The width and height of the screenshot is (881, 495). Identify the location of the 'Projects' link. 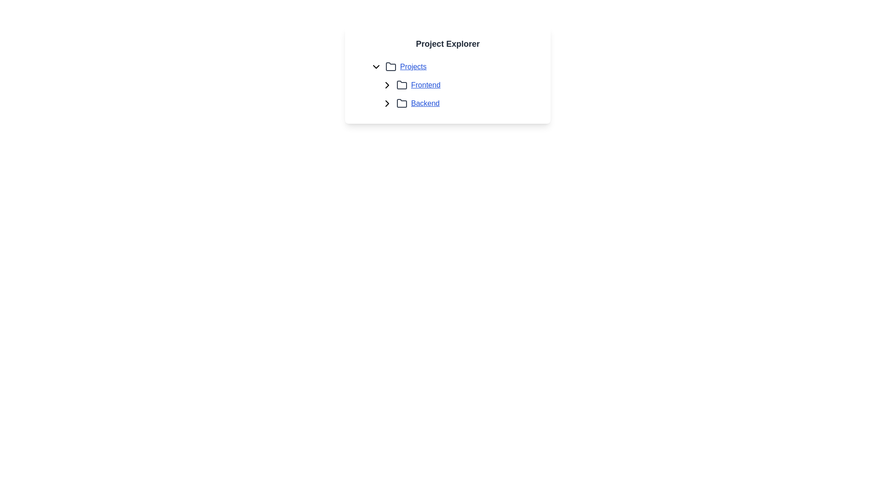
(413, 66).